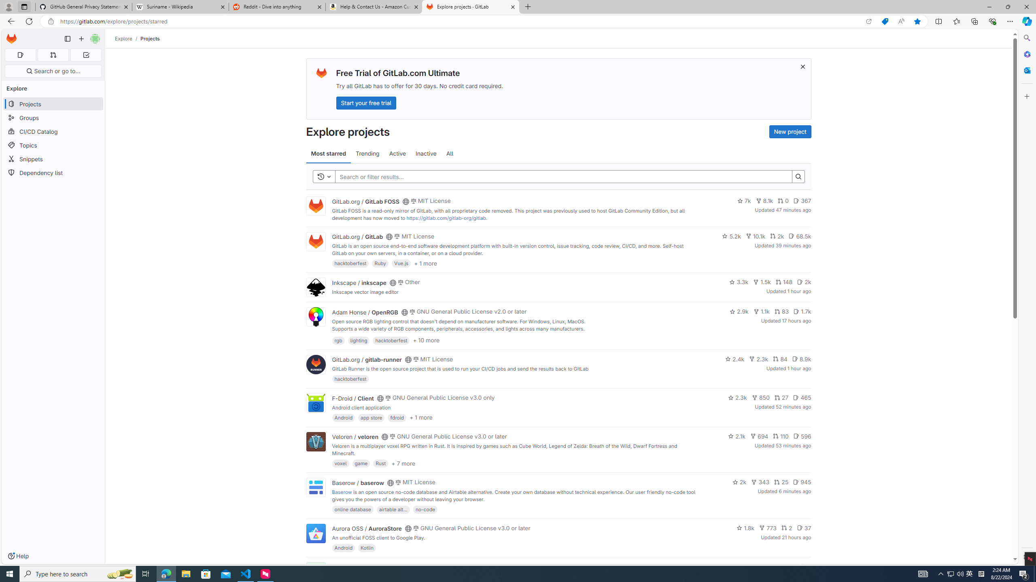 Image resolution: width=1036 pixels, height=582 pixels. I want to click on 'GitLab.org / GitLab FOSS', so click(365, 201).